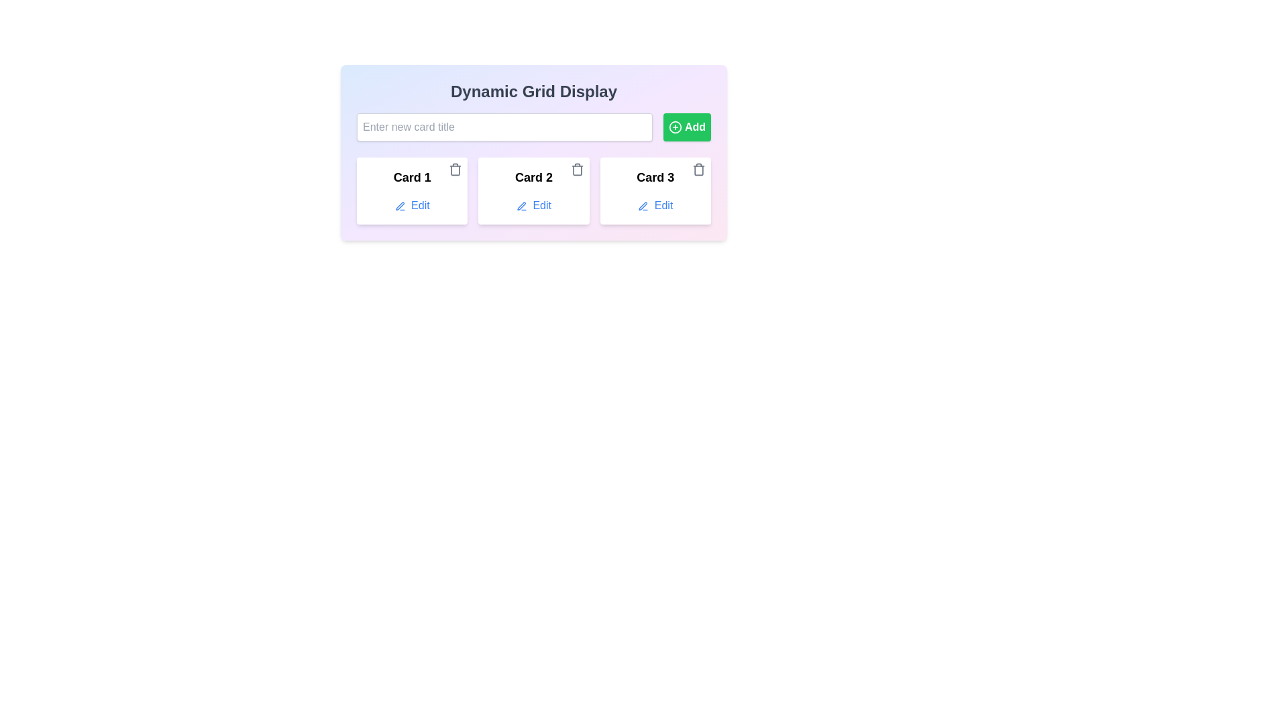  What do you see at coordinates (399, 206) in the screenshot?
I see `the edit icon located beside the 'Edit' text in the bottom section of 'Card 1' in the first column of the dynamic grid display to initiate the edit functionality` at bounding box center [399, 206].